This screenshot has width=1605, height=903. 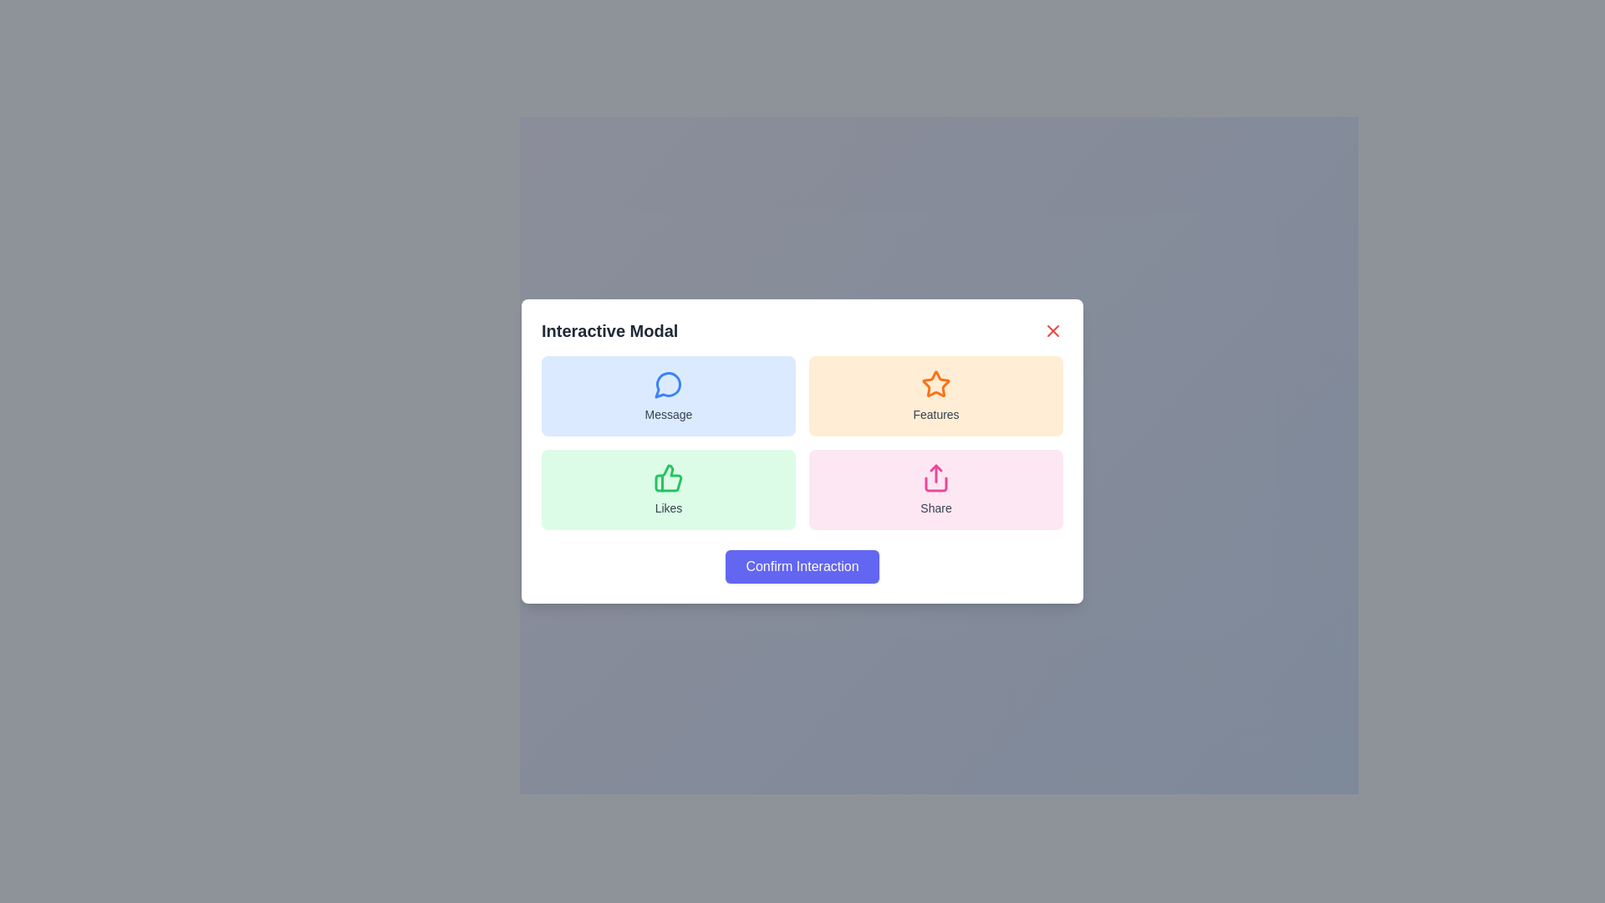 I want to click on the 'Confirm Interaction' button, which is a rectangular button with rounded edges in vibrant indigo color located at the center-bottom of the modal dialog box, so click(x=802, y=566).